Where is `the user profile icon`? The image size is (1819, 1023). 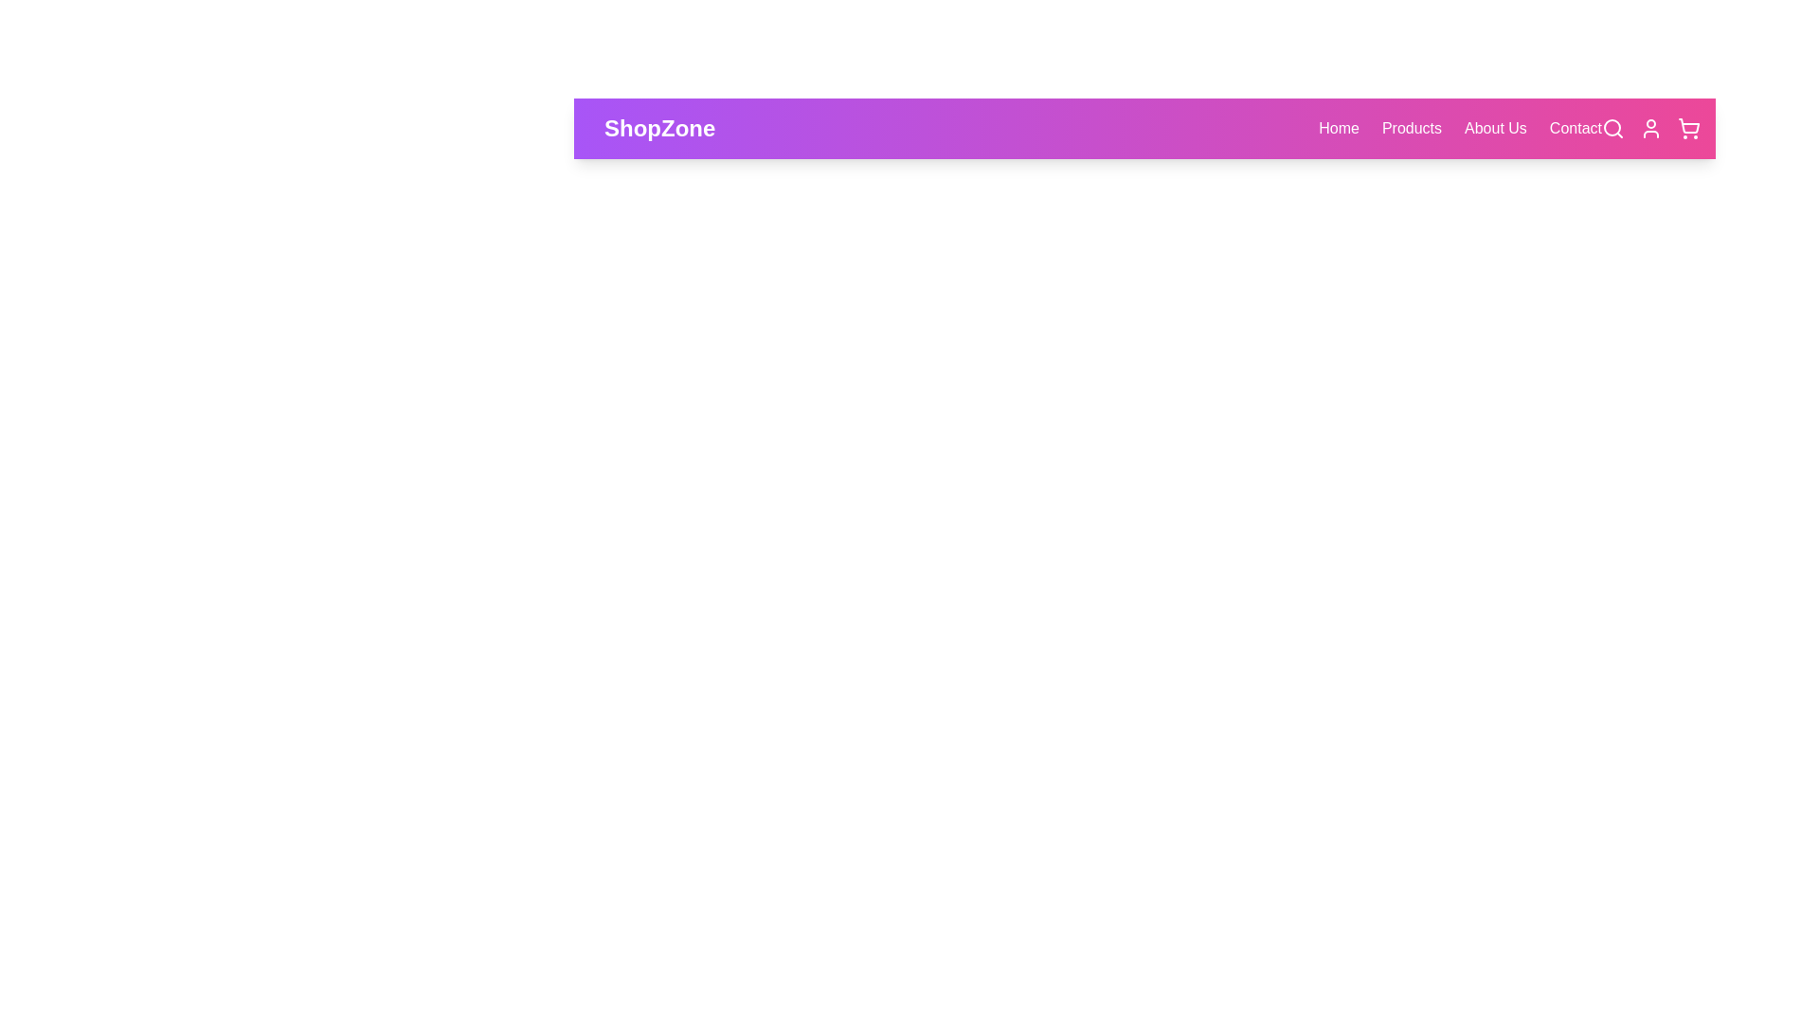 the user profile icon is located at coordinates (1649, 128).